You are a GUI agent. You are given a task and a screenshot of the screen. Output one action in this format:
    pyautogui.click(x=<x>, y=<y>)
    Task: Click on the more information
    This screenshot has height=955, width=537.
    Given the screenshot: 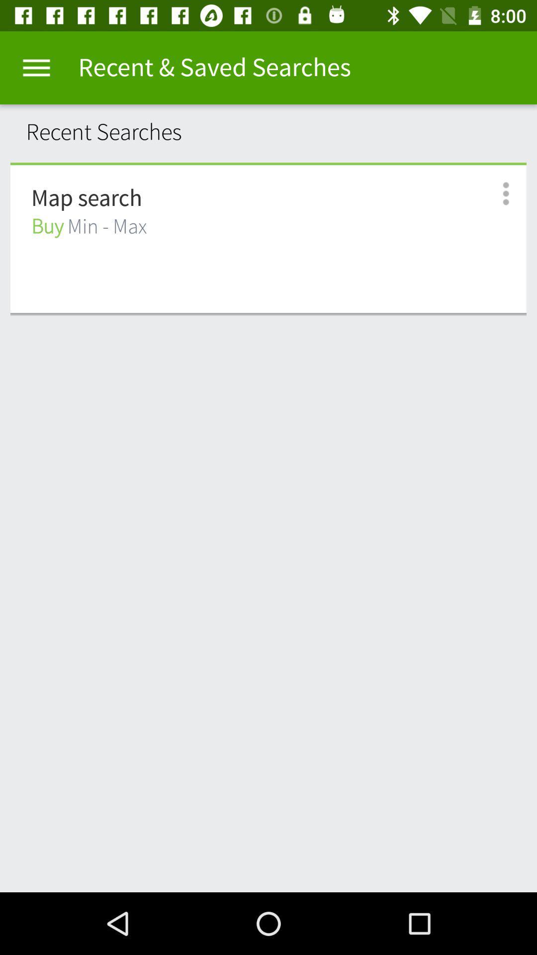 What is the action you would take?
    pyautogui.click(x=495, y=193)
    